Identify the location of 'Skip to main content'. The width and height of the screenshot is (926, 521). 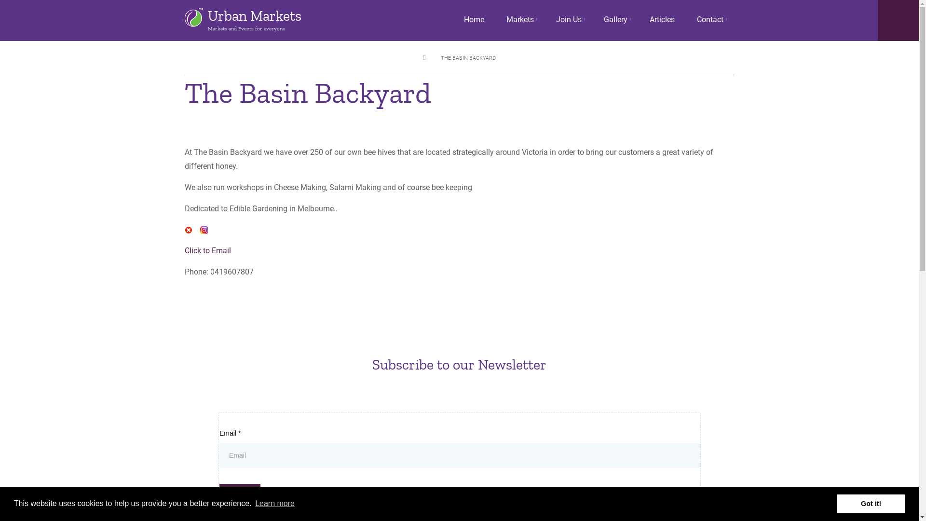
(0, 0).